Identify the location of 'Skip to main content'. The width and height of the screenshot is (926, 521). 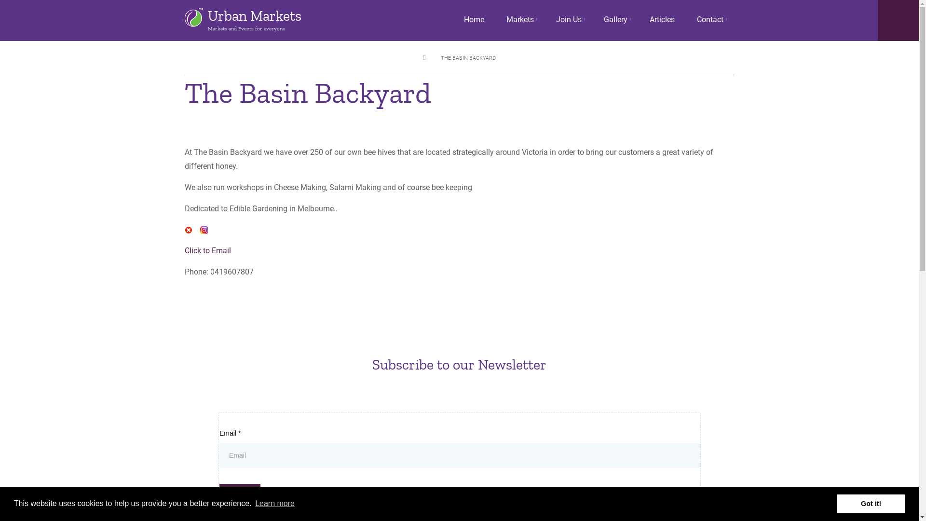
(0, 0).